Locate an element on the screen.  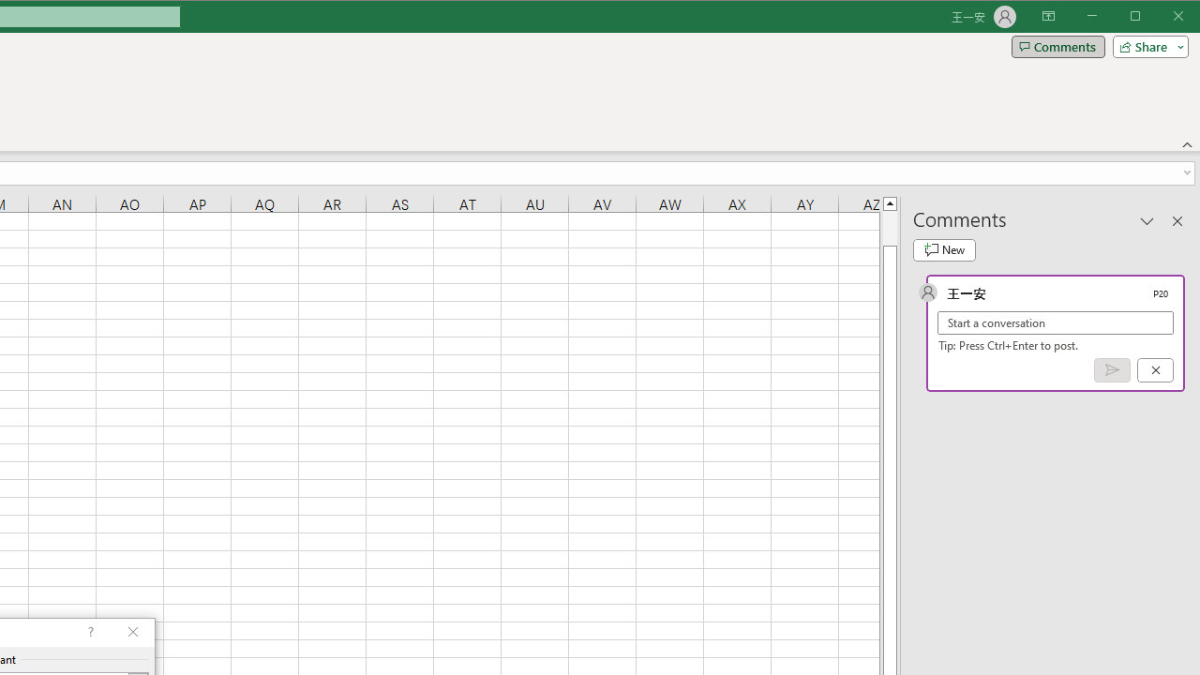
'Start a conversation' is located at coordinates (1056, 322).